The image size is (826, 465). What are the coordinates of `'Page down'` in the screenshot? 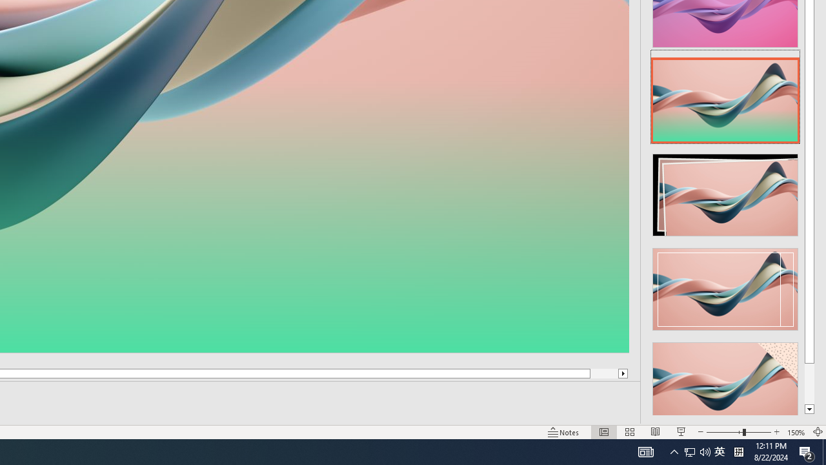 It's located at (809, 383).